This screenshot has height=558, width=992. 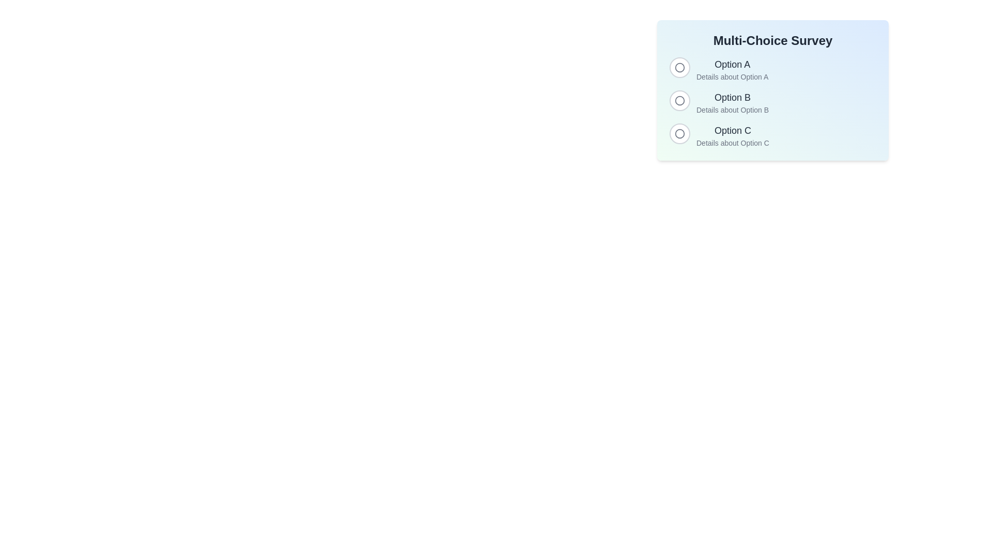 I want to click on the text label displaying 'Option A' and 'Details about Option A', which is the first element in a vertical list under the header 'Multi-Choice Survey', so click(x=732, y=70).